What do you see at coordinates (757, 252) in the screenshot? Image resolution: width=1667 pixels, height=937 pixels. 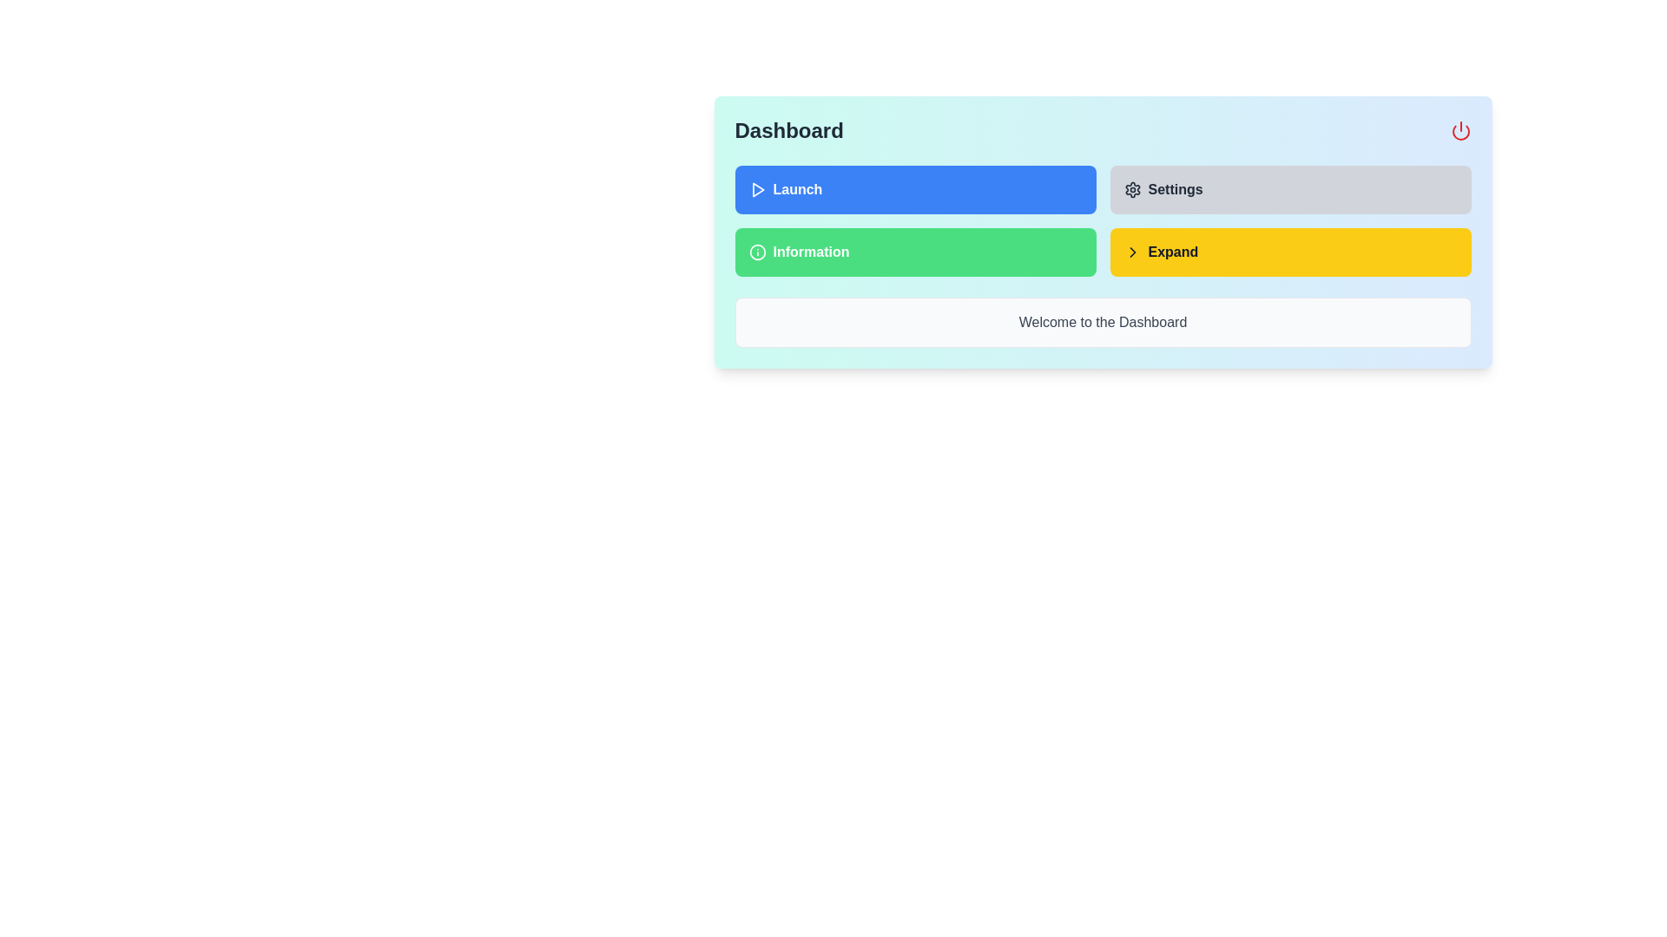 I see `the outermost circular element of the 'Information' icon, which is centrally located inside the green rectangle labeled 'Information' in the dashboard` at bounding box center [757, 252].